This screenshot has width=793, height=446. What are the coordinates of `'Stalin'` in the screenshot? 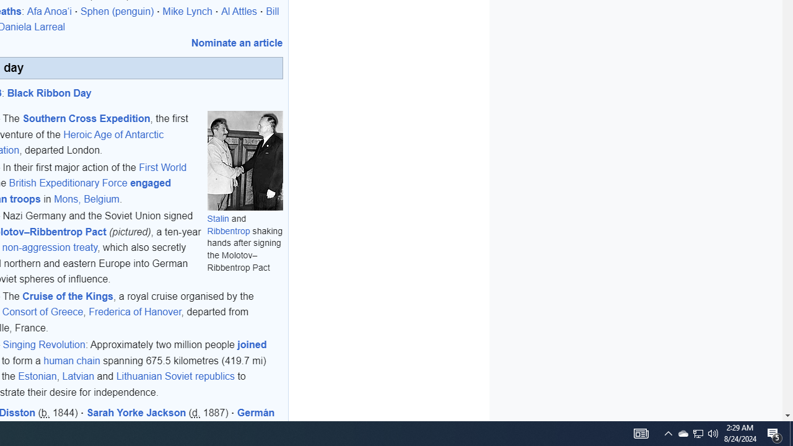 It's located at (218, 217).